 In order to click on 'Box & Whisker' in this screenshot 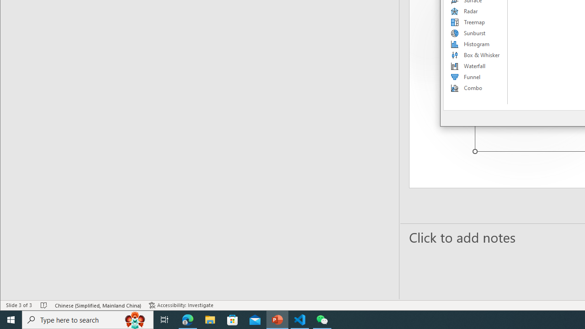, I will do `click(475, 55)`.